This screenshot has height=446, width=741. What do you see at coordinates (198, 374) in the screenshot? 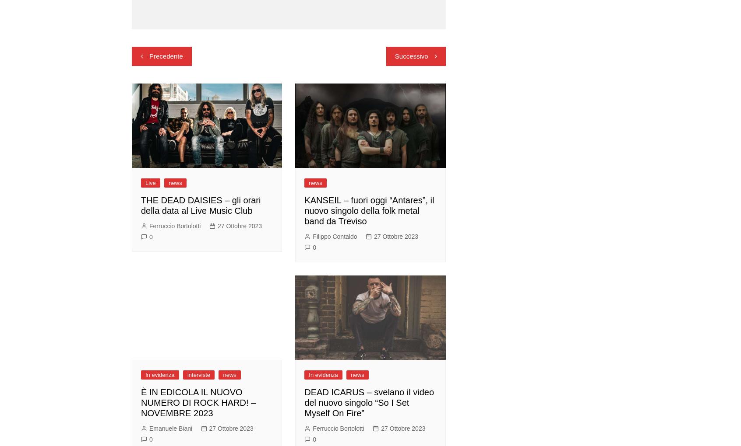
I see `'interviste'` at bounding box center [198, 374].